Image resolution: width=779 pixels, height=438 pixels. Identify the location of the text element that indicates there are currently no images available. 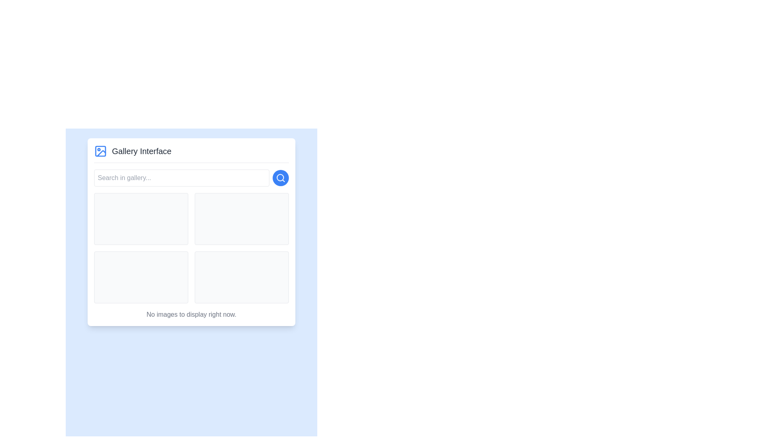
(191, 314).